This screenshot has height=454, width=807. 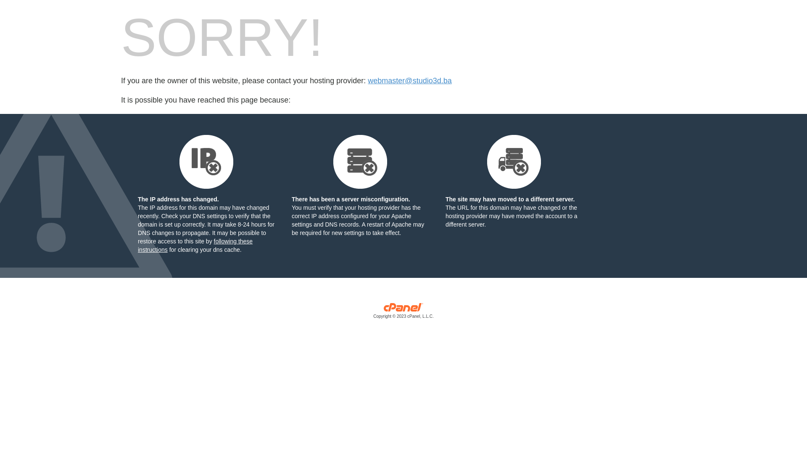 What do you see at coordinates (195, 245) in the screenshot?
I see `'following these instructions'` at bounding box center [195, 245].